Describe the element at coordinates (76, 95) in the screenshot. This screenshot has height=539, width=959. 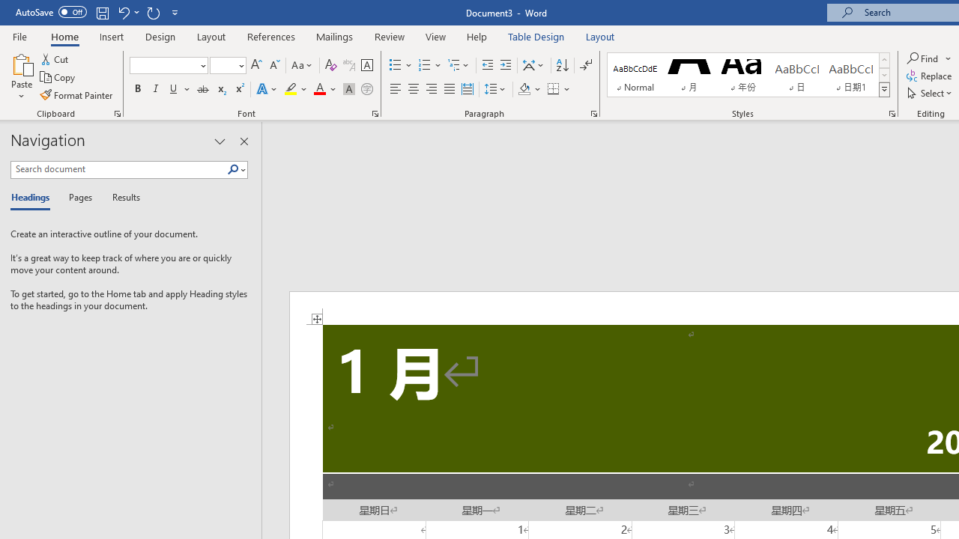
I see `'Format Painter'` at that location.